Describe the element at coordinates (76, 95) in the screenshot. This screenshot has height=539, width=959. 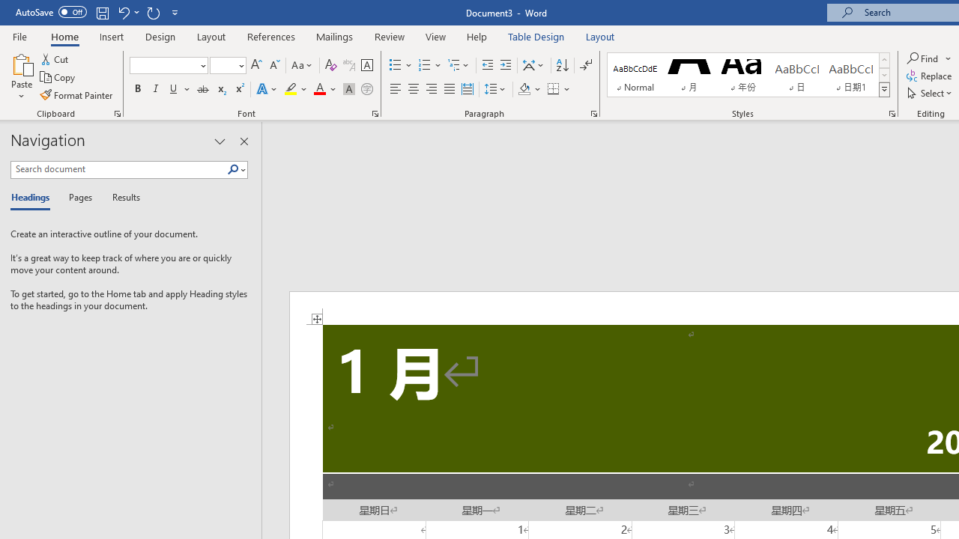
I see `'Format Painter'` at that location.